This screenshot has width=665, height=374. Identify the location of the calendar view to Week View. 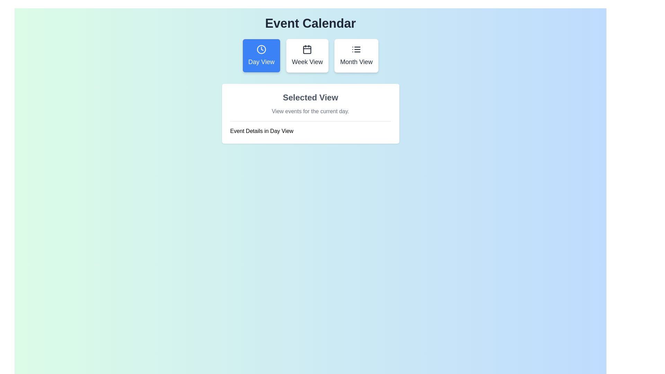
(307, 55).